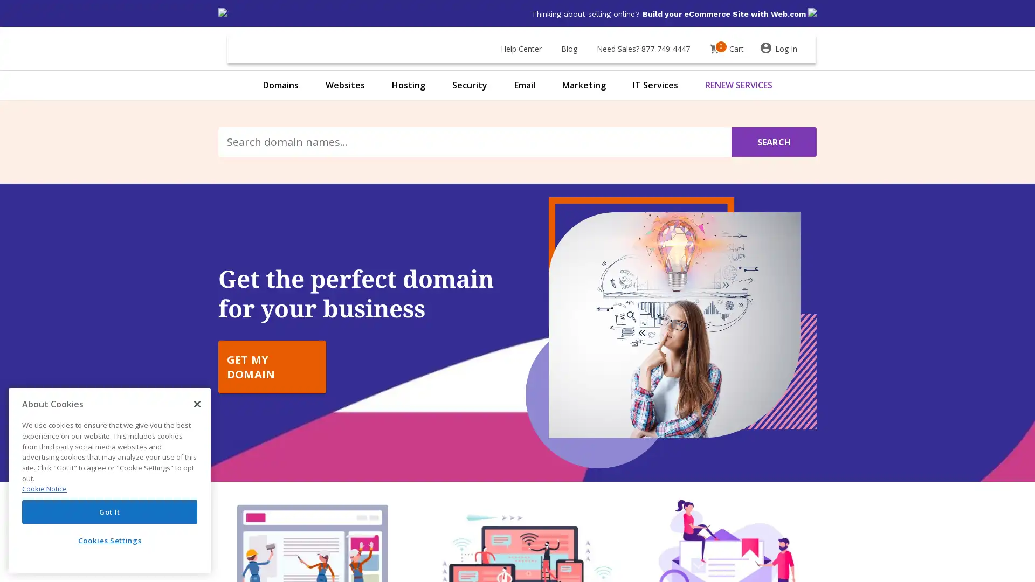 This screenshot has height=582, width=1035. What do you see at coordinates (109, 540) in the screenshot?
I see `Cookies Settings` at bounding box center [109, 540].